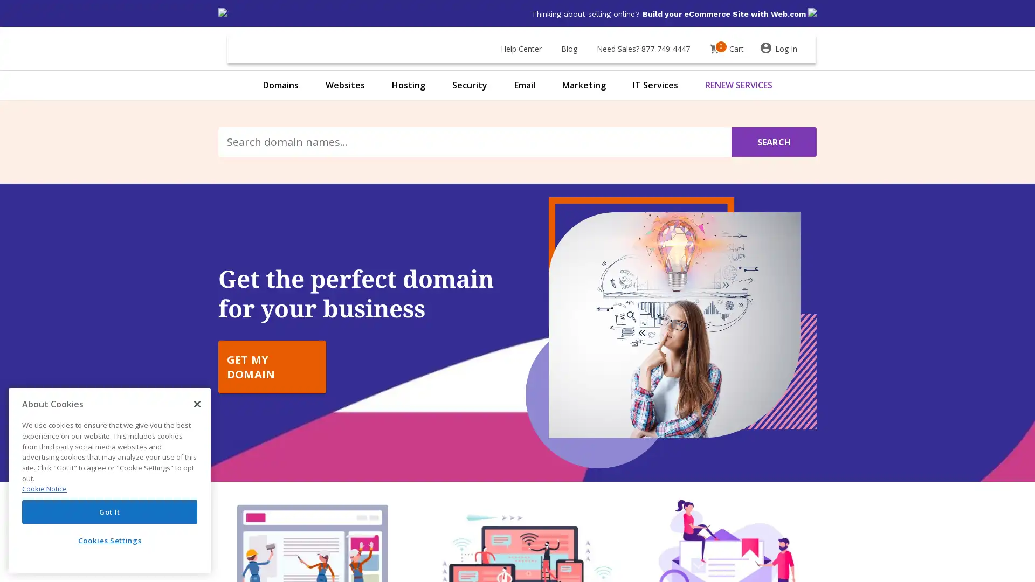 This screenshot has height=582, width=1035. What do you see at coordinates (109, 540) in the screenshot?
I see `Cookies Settings` at bounding box center [109, 540].